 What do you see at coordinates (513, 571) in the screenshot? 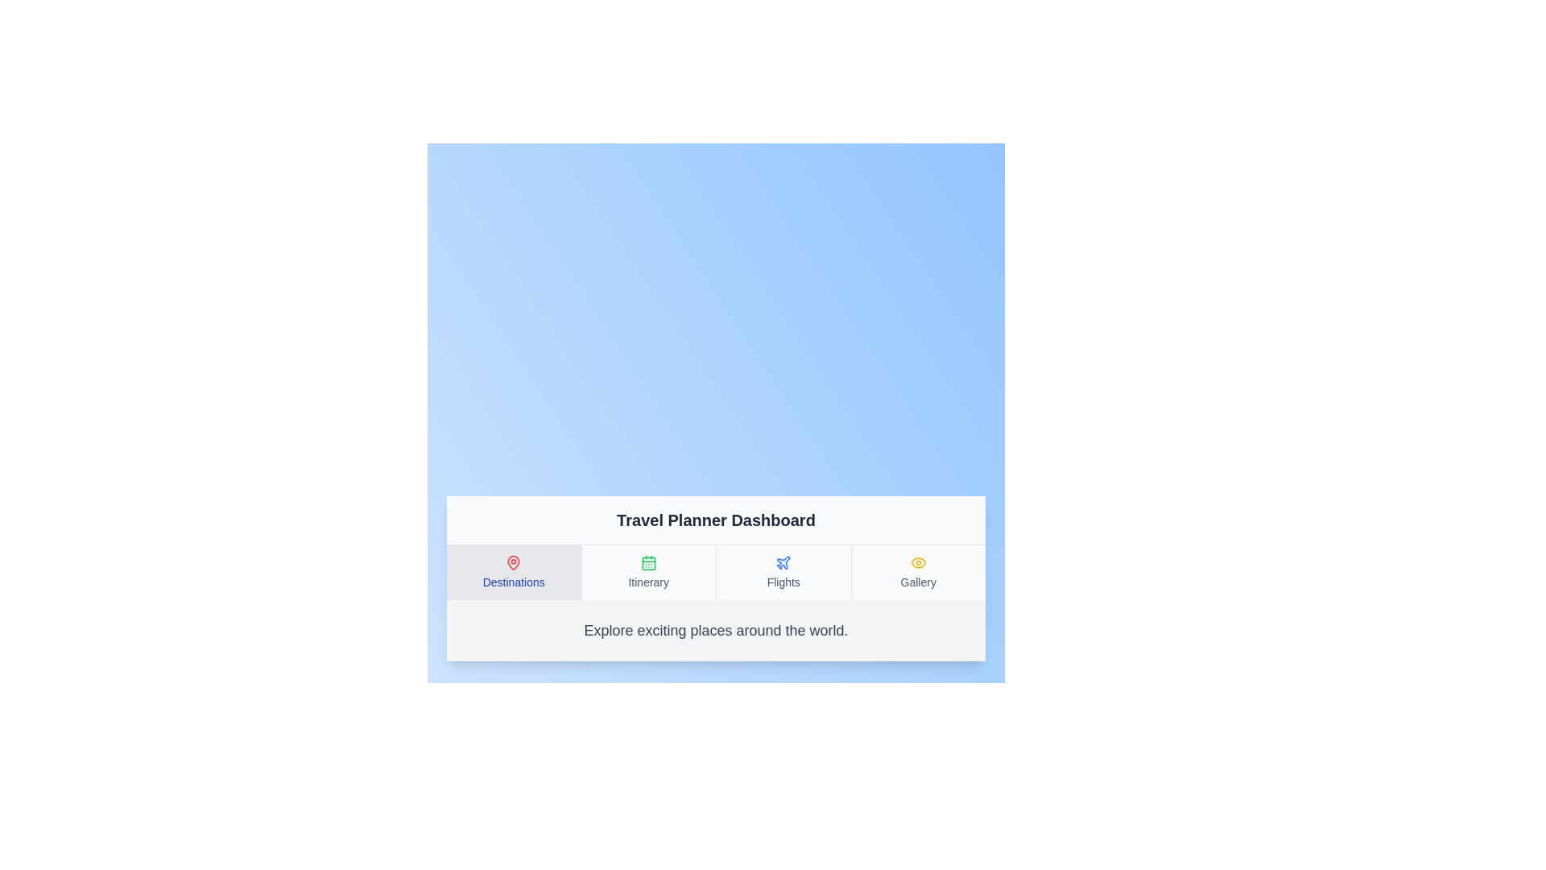
I see `the navigation button for viewing or exploring destinations in the application` at bounding box center [513, 571].